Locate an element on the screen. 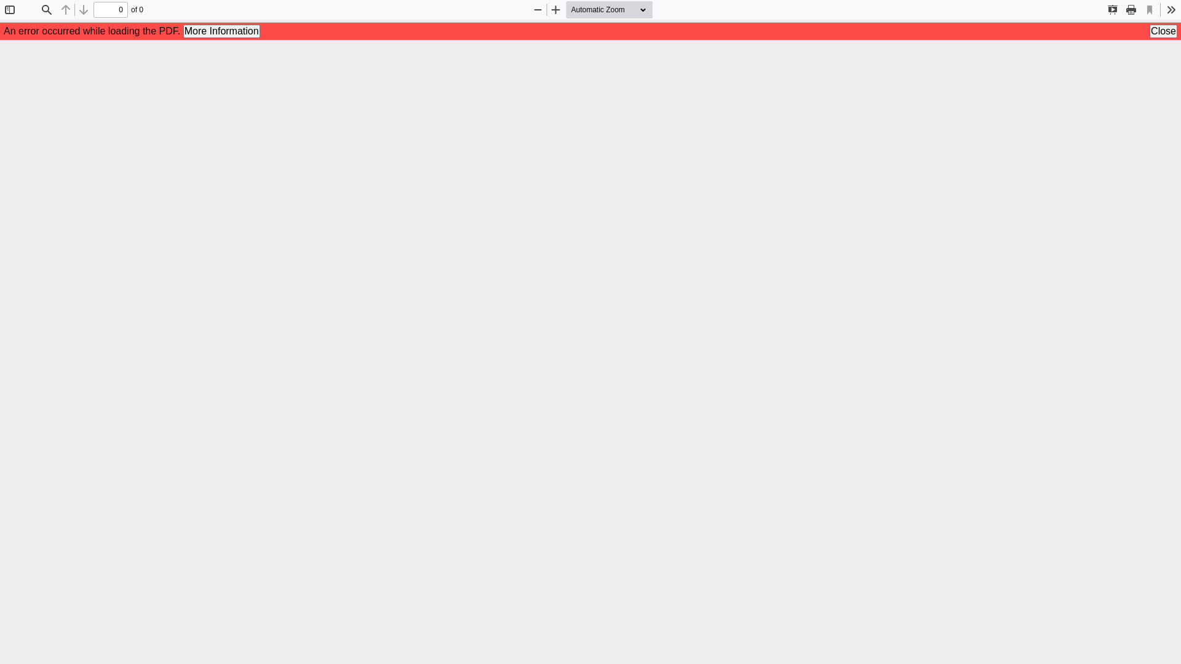 This screenshot has height=664, width=1181. 'Print' is located at coordinates (1131, 9).